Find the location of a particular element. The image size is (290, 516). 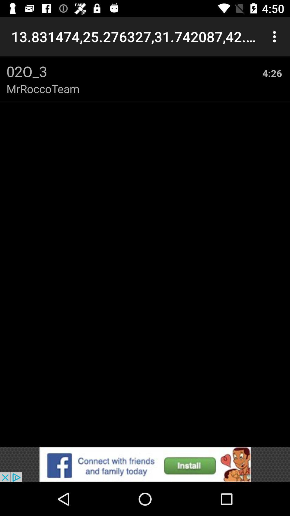

advertisement is located at coordinates (145, 464).